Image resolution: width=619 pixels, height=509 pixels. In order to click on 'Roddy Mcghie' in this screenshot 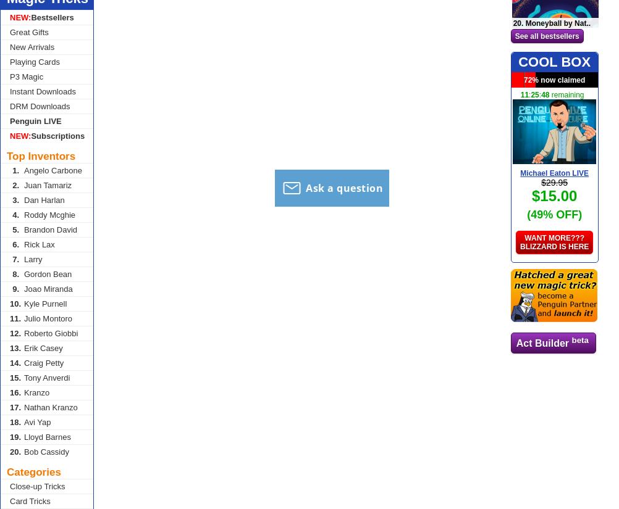, I will do `click(49, 214)`.